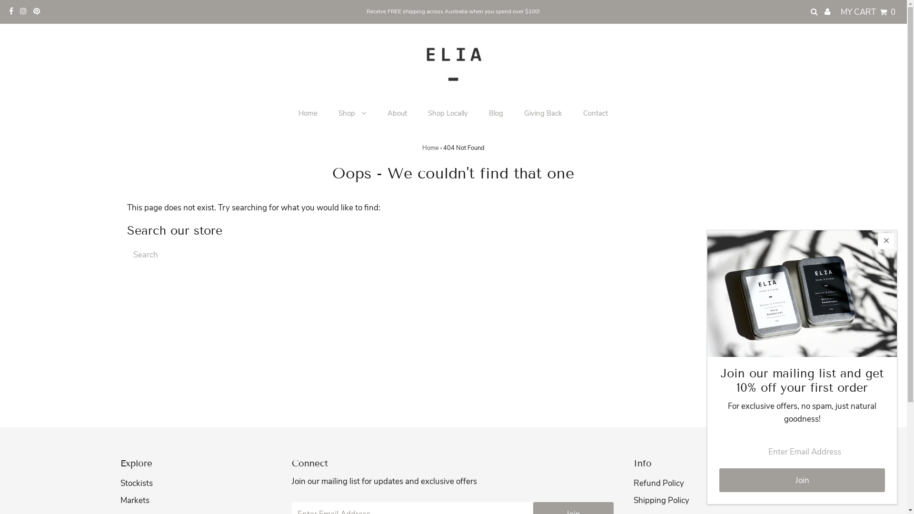  I want to click on 'Shipping Policy', so click(660, 500).